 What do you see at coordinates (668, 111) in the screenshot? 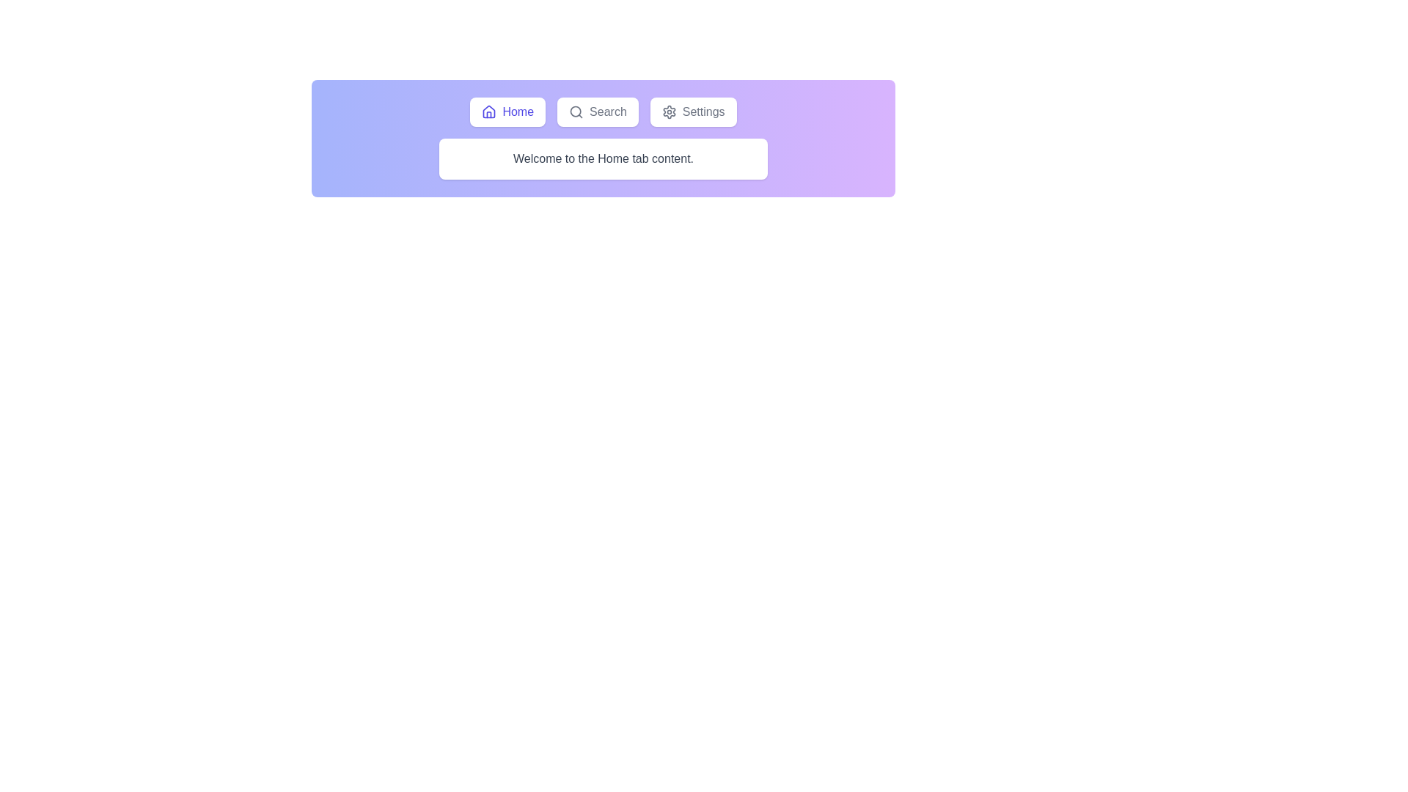
I see `the settings icon, which is a gear-shaped graphical element located within the 'Settings' menu button, the third button from the left in the horizontal navigation options` at bounding box center [668, 111].